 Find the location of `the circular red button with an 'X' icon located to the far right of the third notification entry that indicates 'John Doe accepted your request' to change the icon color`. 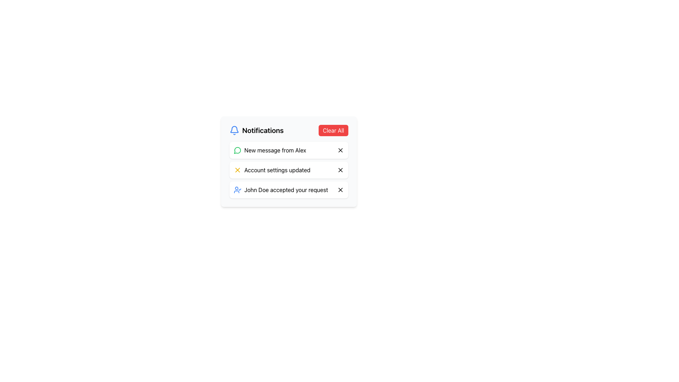

the circular red button with an 'X' icon located to the far right of the third notification entry that indicates 'John Doe accepted your request' to change the icon color is located at coordinates (341, 189).